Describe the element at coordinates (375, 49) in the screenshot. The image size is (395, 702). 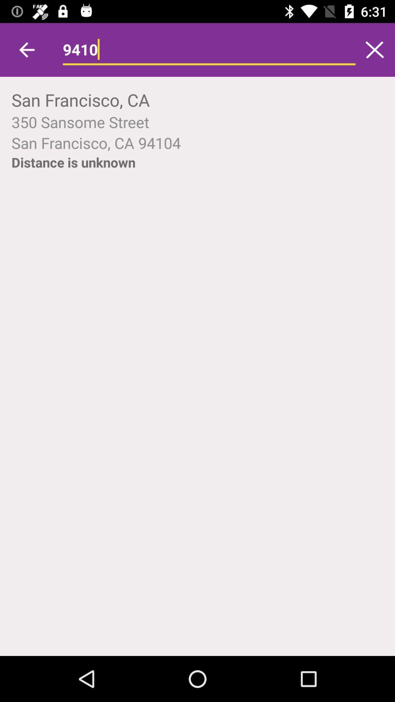
I see `icon next to 9410 icon` at that location.